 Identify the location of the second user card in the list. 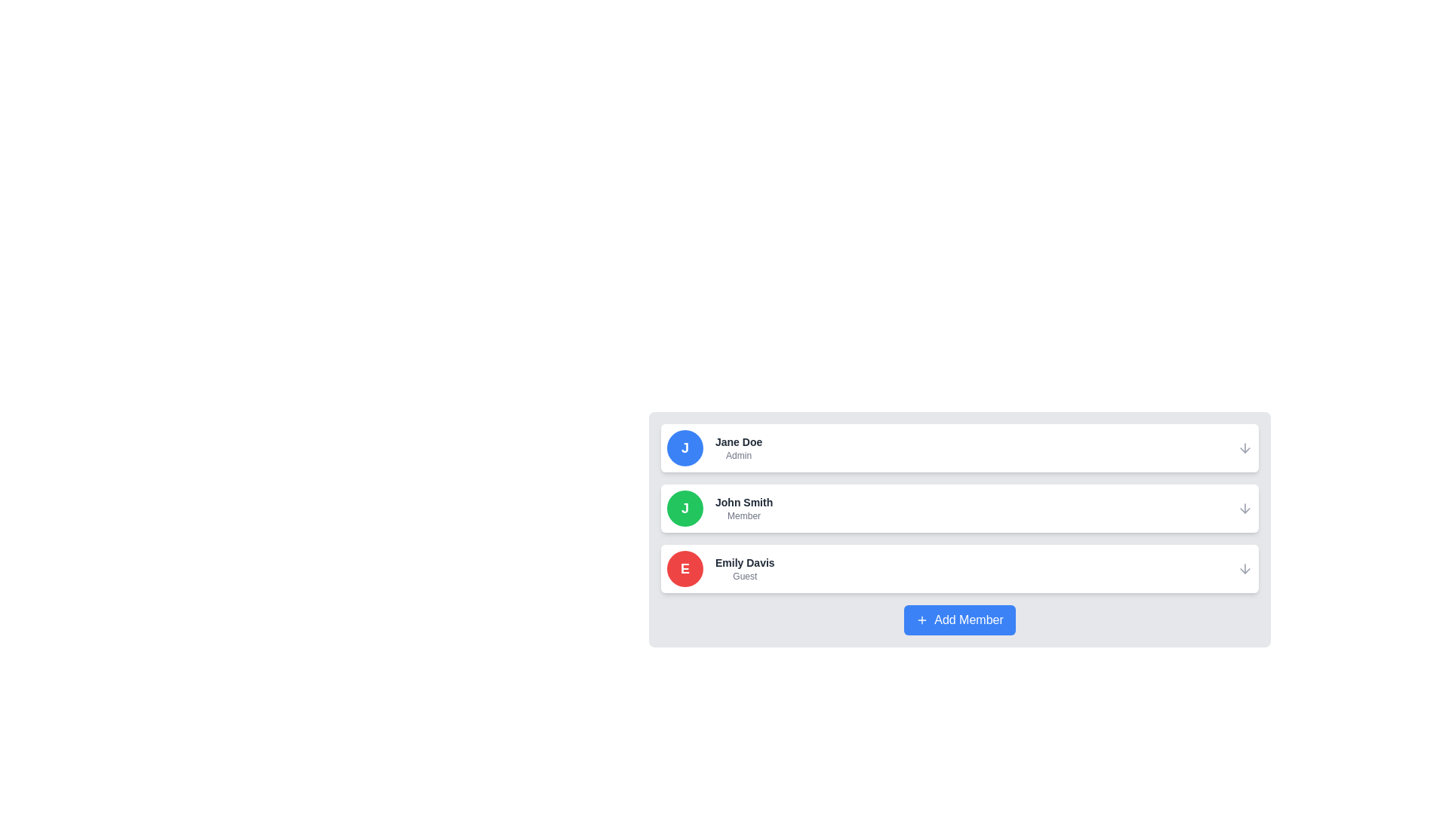
(959, 529).